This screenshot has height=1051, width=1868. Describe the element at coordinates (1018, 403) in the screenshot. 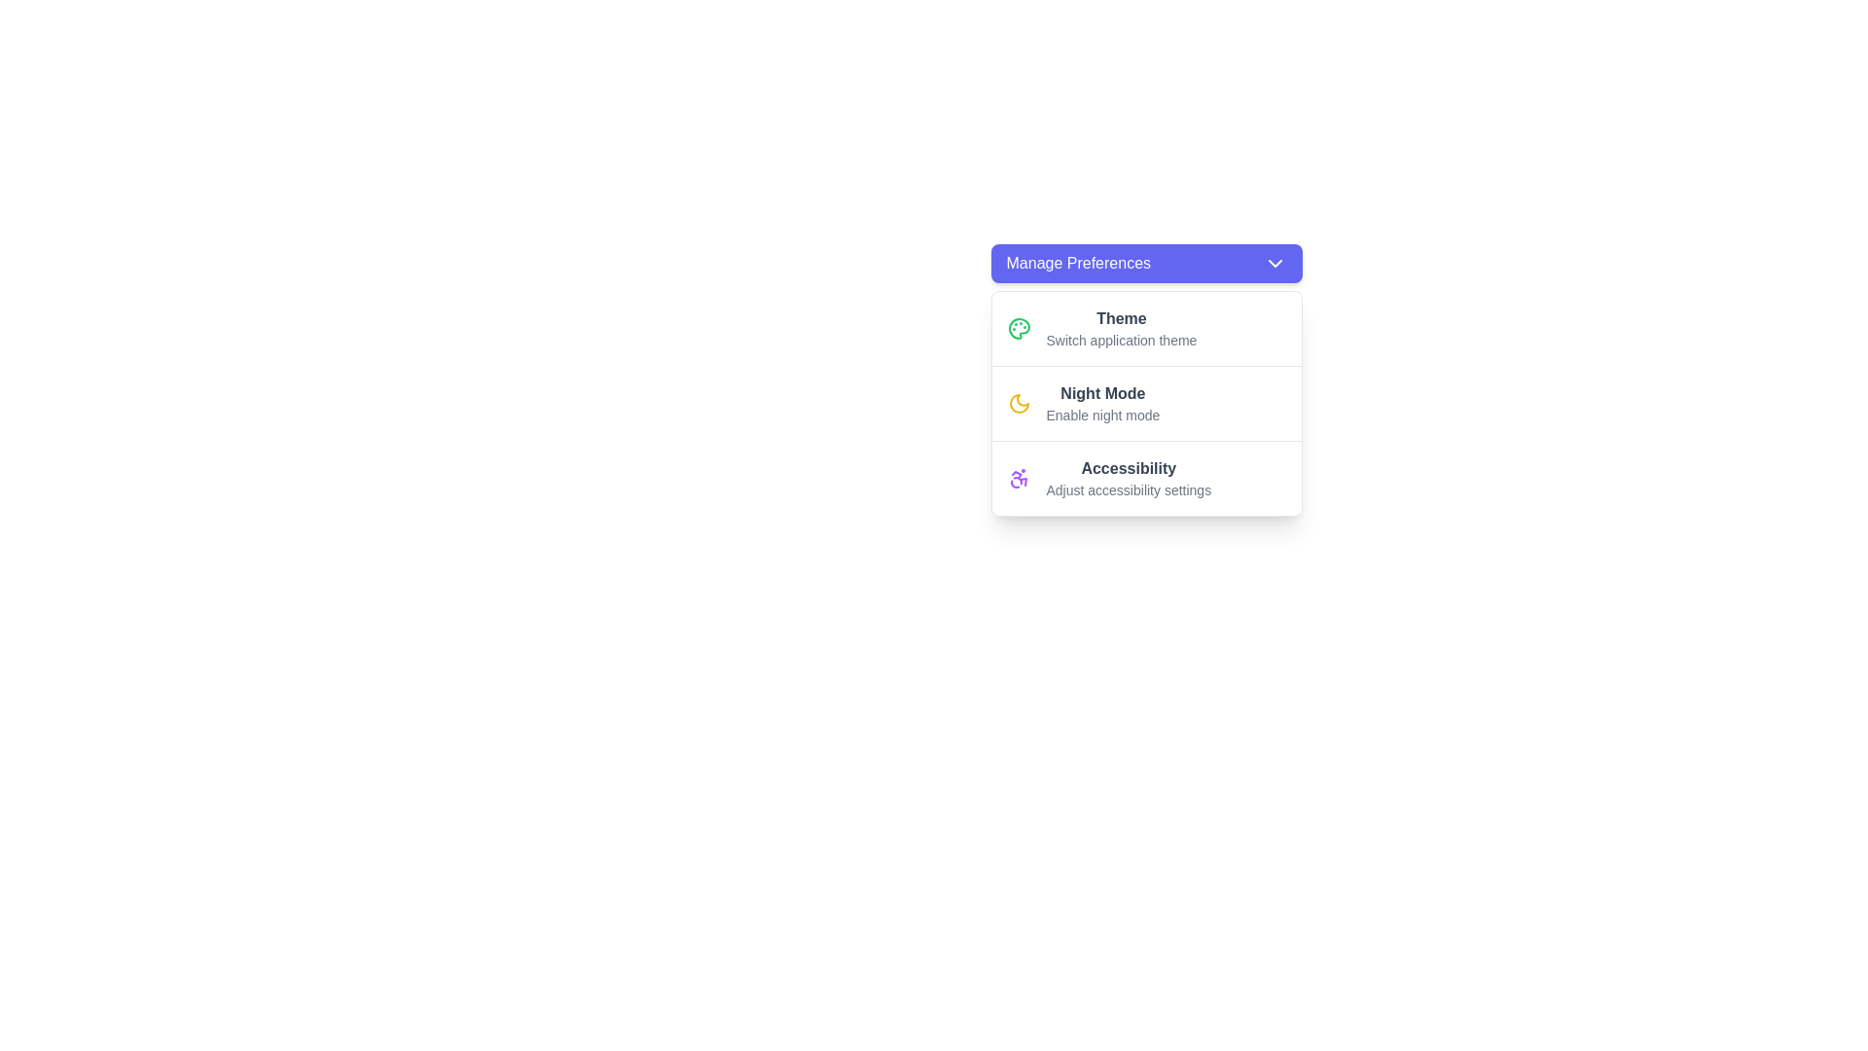

I see `the 'Night Mode' icon located in the dropdown menu, which signifies the option to toggle Night Mode` at that location.